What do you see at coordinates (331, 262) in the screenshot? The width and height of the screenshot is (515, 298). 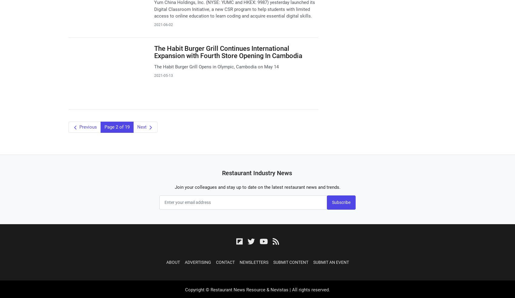 I see `'Submit an Event'` at bounding box center [331, 262].